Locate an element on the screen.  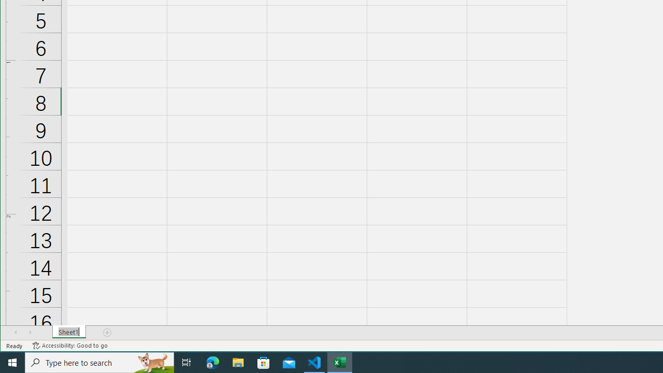
'Accessibility Checker Accessibility: Good to go' is located at coordinates (69, 346).